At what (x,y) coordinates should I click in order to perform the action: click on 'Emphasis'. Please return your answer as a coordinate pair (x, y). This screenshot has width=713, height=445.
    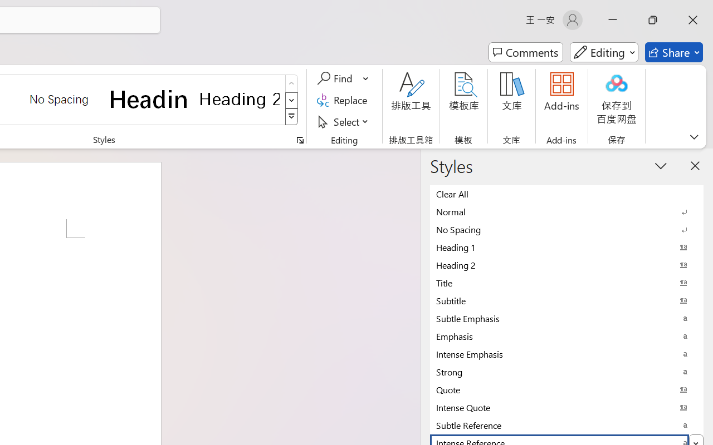
    Looking at the image, I should click on (567, 336).